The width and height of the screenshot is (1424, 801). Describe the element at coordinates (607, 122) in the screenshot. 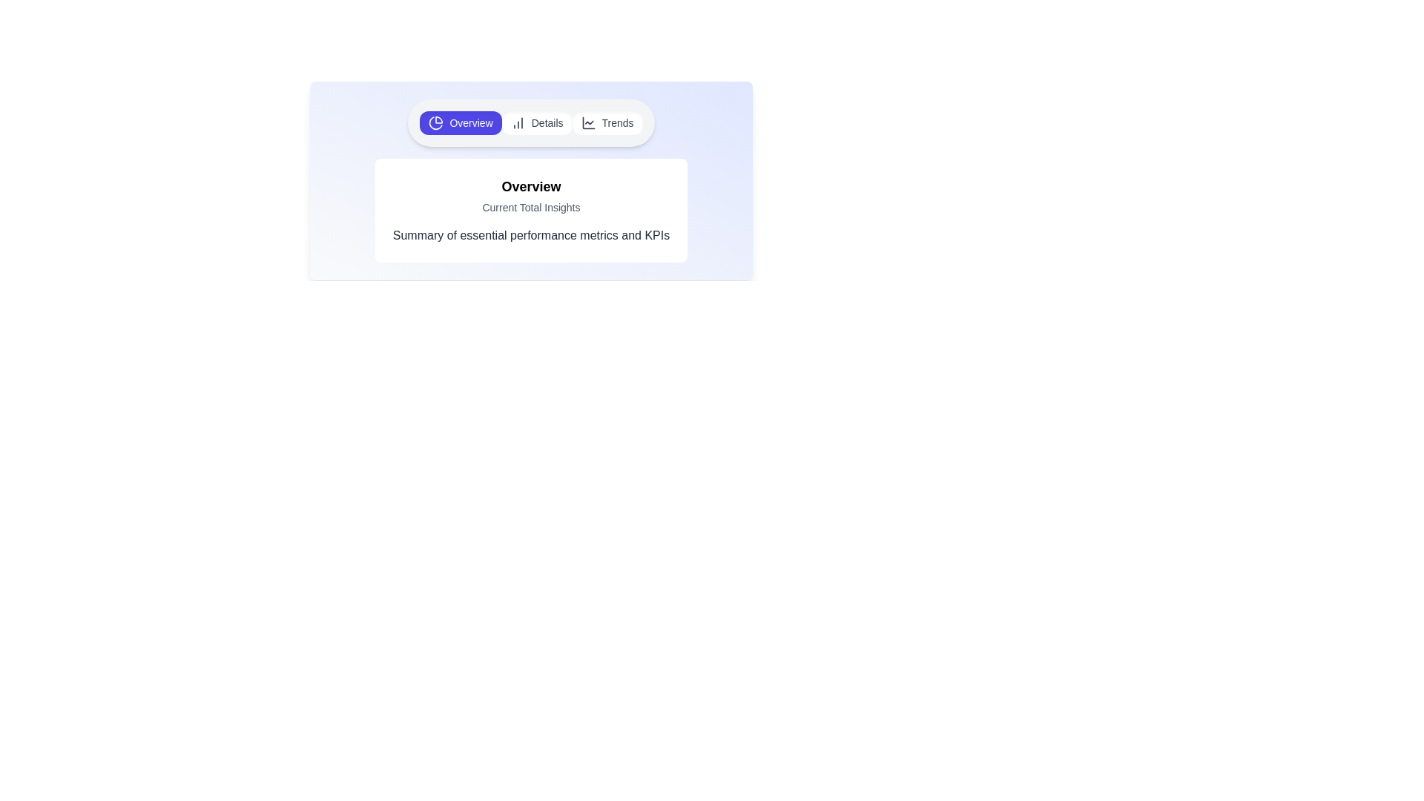

I see `the Trends tab to view its content` at that location.